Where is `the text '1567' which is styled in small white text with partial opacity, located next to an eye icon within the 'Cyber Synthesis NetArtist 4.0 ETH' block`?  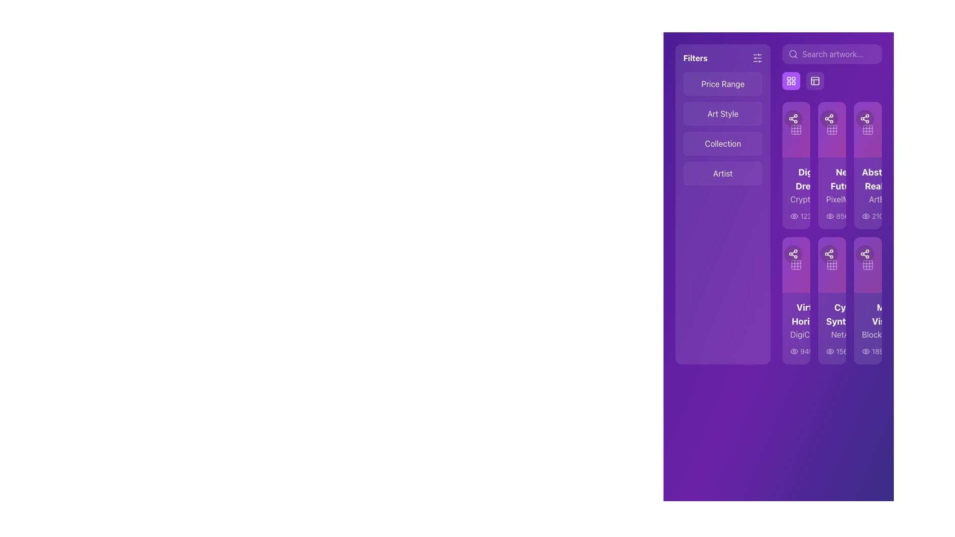 the text '1567' which is styled in small white text with partial opacity, located next to an eye icon within the 'Cyber Synthesis NetArtist 4.0 ETH' block is located at coordinates (832, 351).